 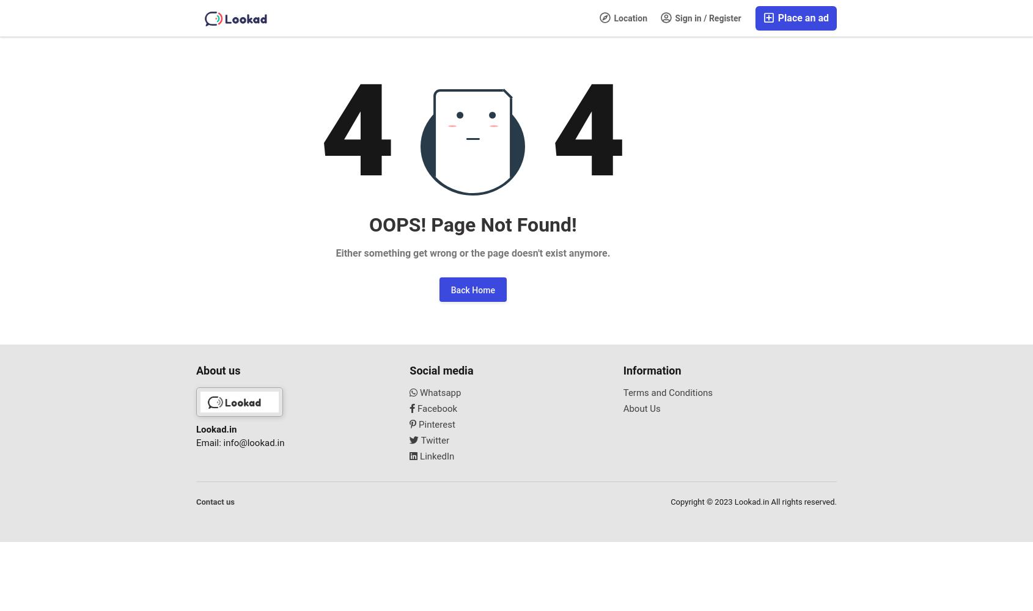 What do you see at coordinates (433, 439) in the screenshot?
I see `'Twitter'` at bounding box center [433, 439].